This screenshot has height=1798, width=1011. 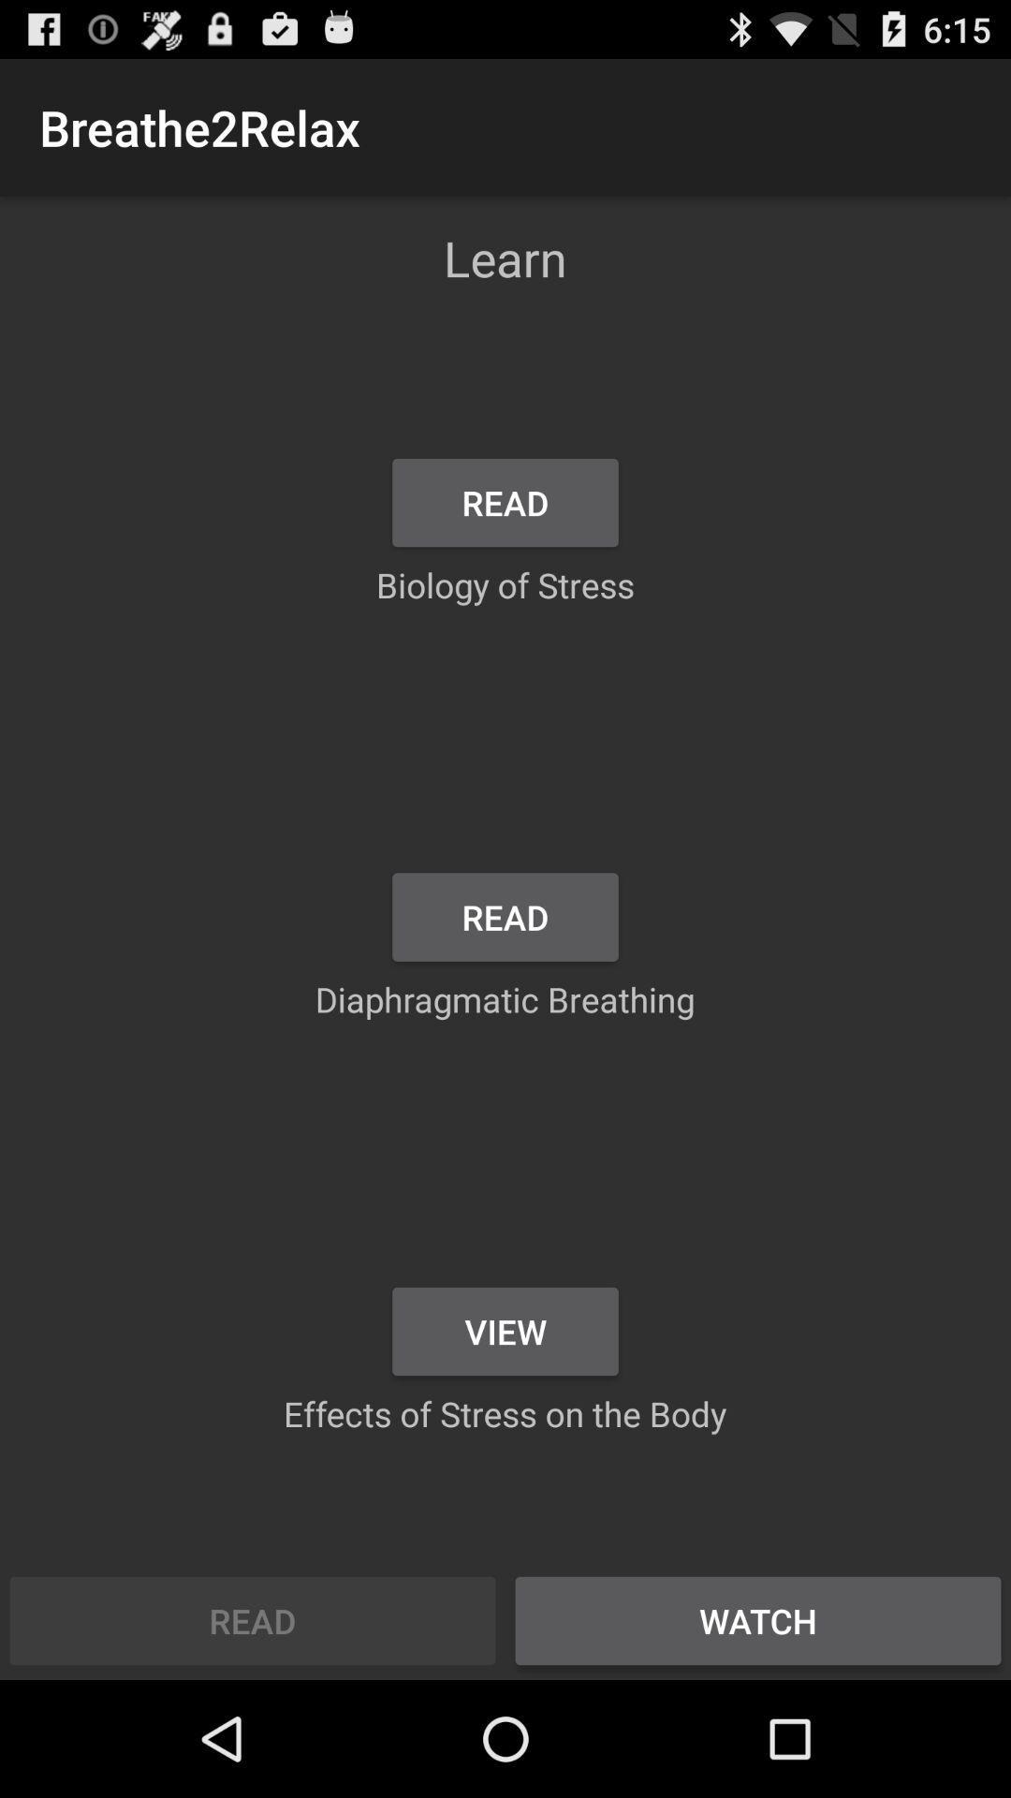 What do you see at coordinates (505, 1330) in the screenshot?
I see `the item below diaphragmatic breathing item` at bounding box center [505, 1330].